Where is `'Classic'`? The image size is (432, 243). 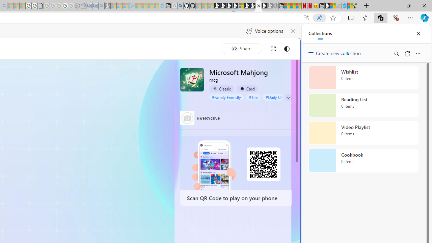 'Classic' is located at coordinates (221, 88).